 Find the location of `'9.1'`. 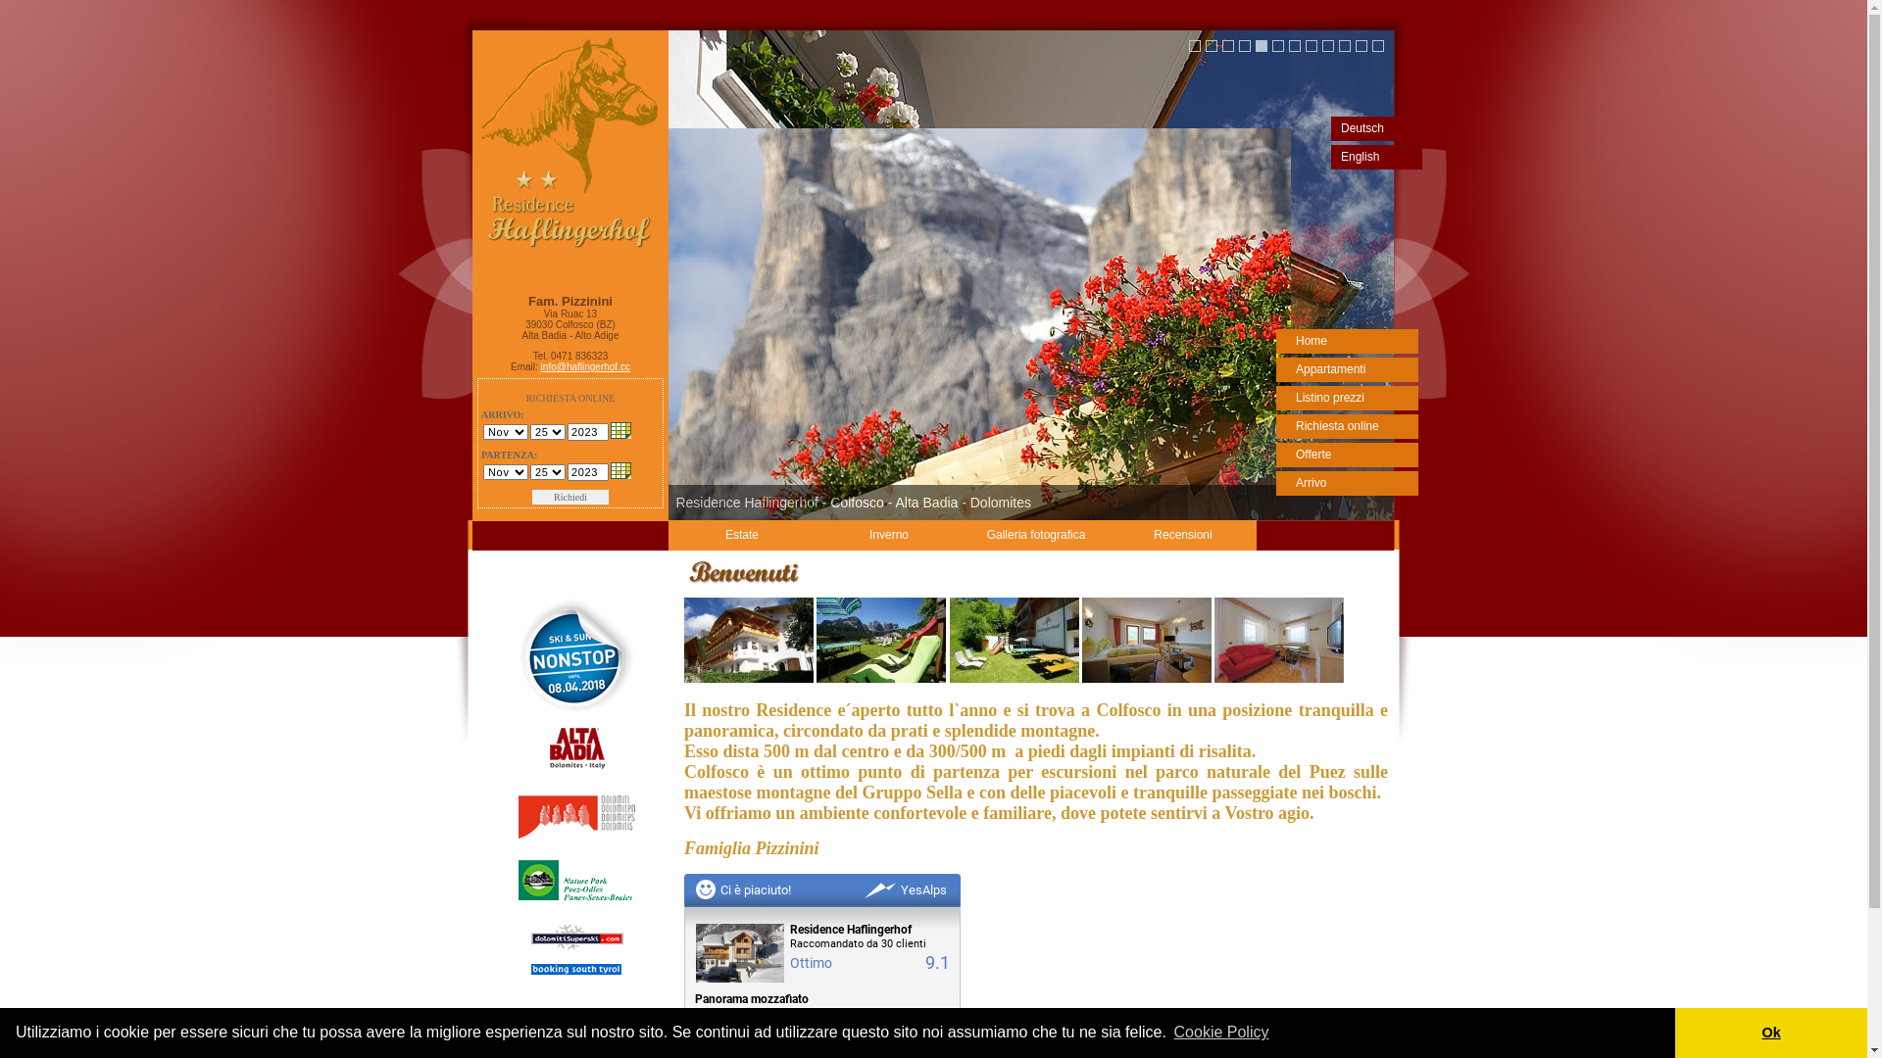

'9.1' is located at coordinates (936, 961).